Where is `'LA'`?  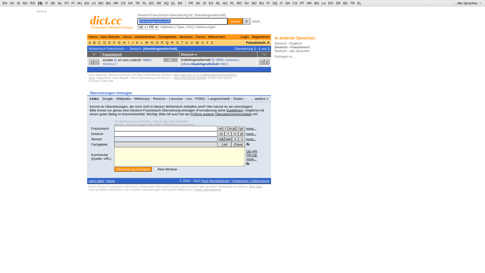
'LA' is located at coordinates (93, 3).